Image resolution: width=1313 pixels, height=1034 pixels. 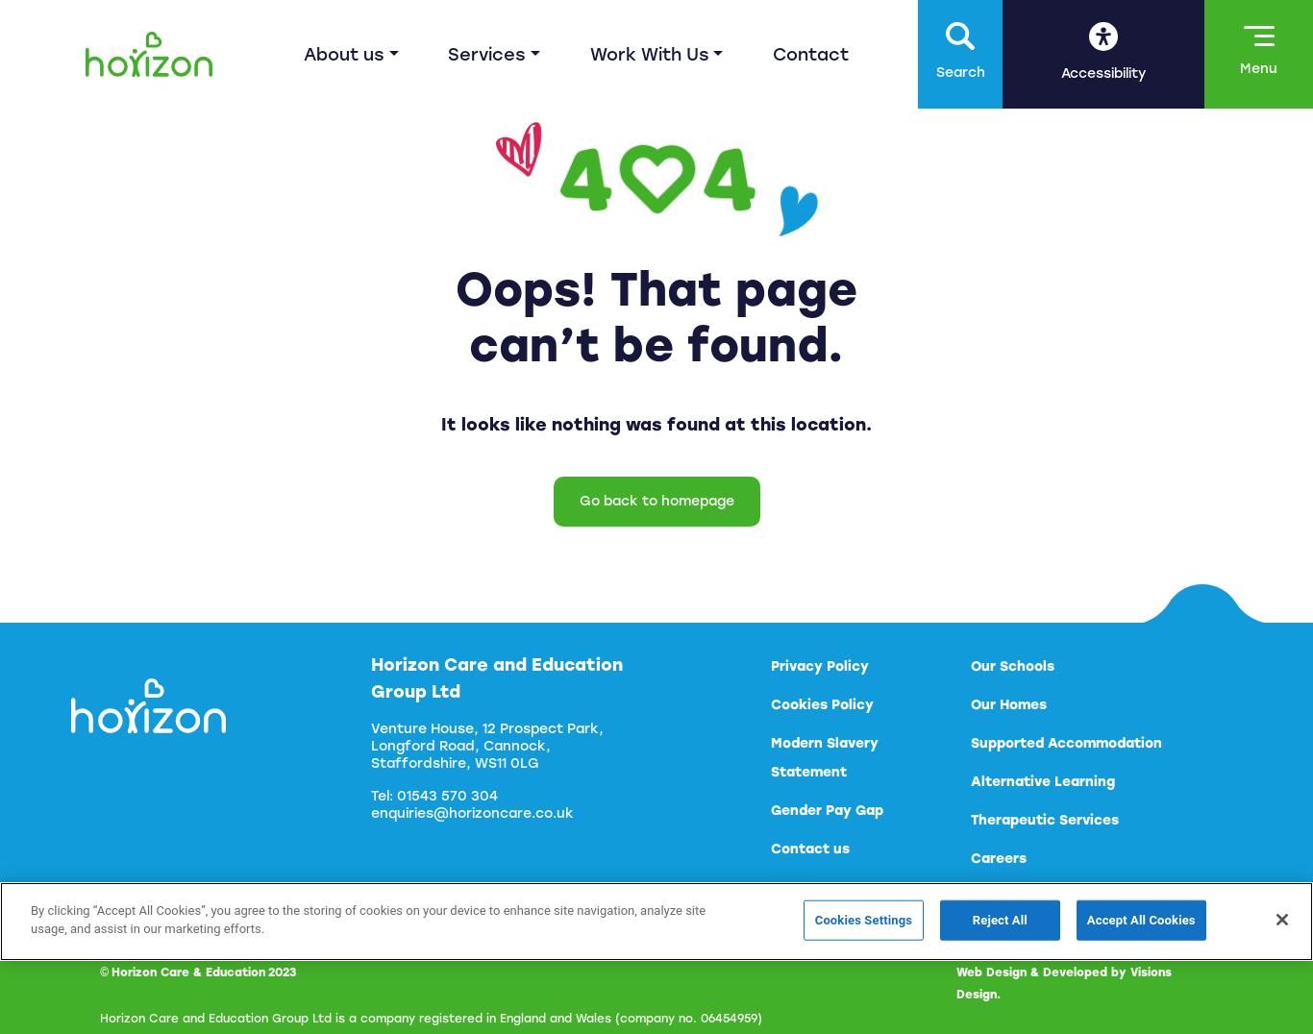 What do you see at coordinates (808, 849) in the screenshot?
I see `'Contact us'` at bounding box center [808, 849].